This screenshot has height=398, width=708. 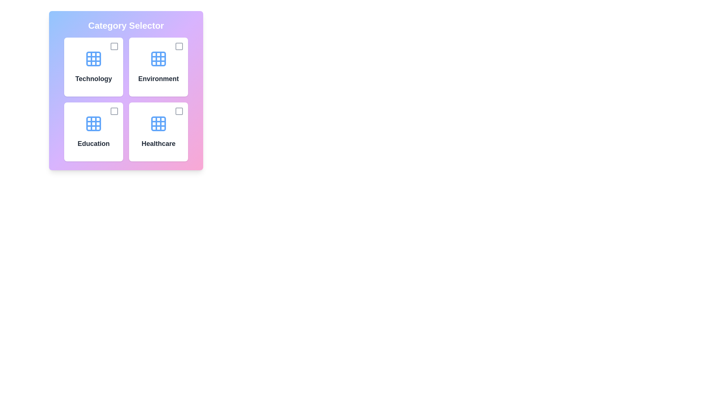 What do you see at coordinates (158, 132) in the screenshot?
I see `the category card labeled 'Healthcare' to observe the hover animation effect` at bounding box center [158, 132].